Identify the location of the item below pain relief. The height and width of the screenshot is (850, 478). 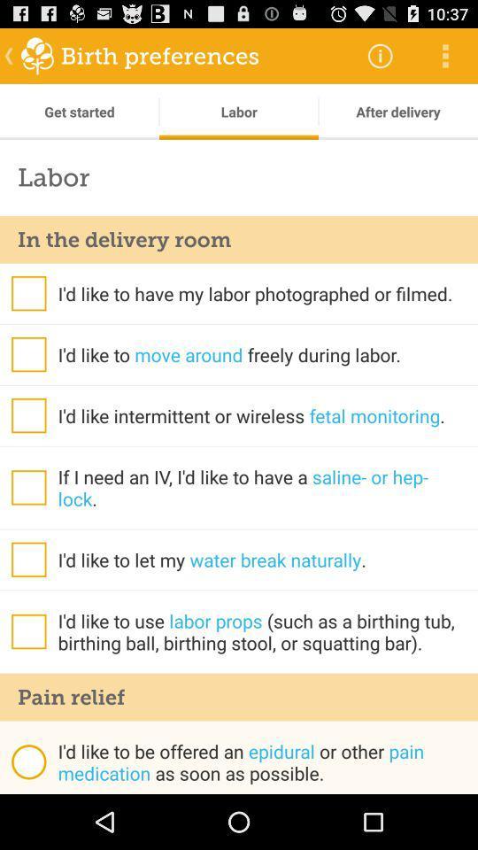
(27, 761).